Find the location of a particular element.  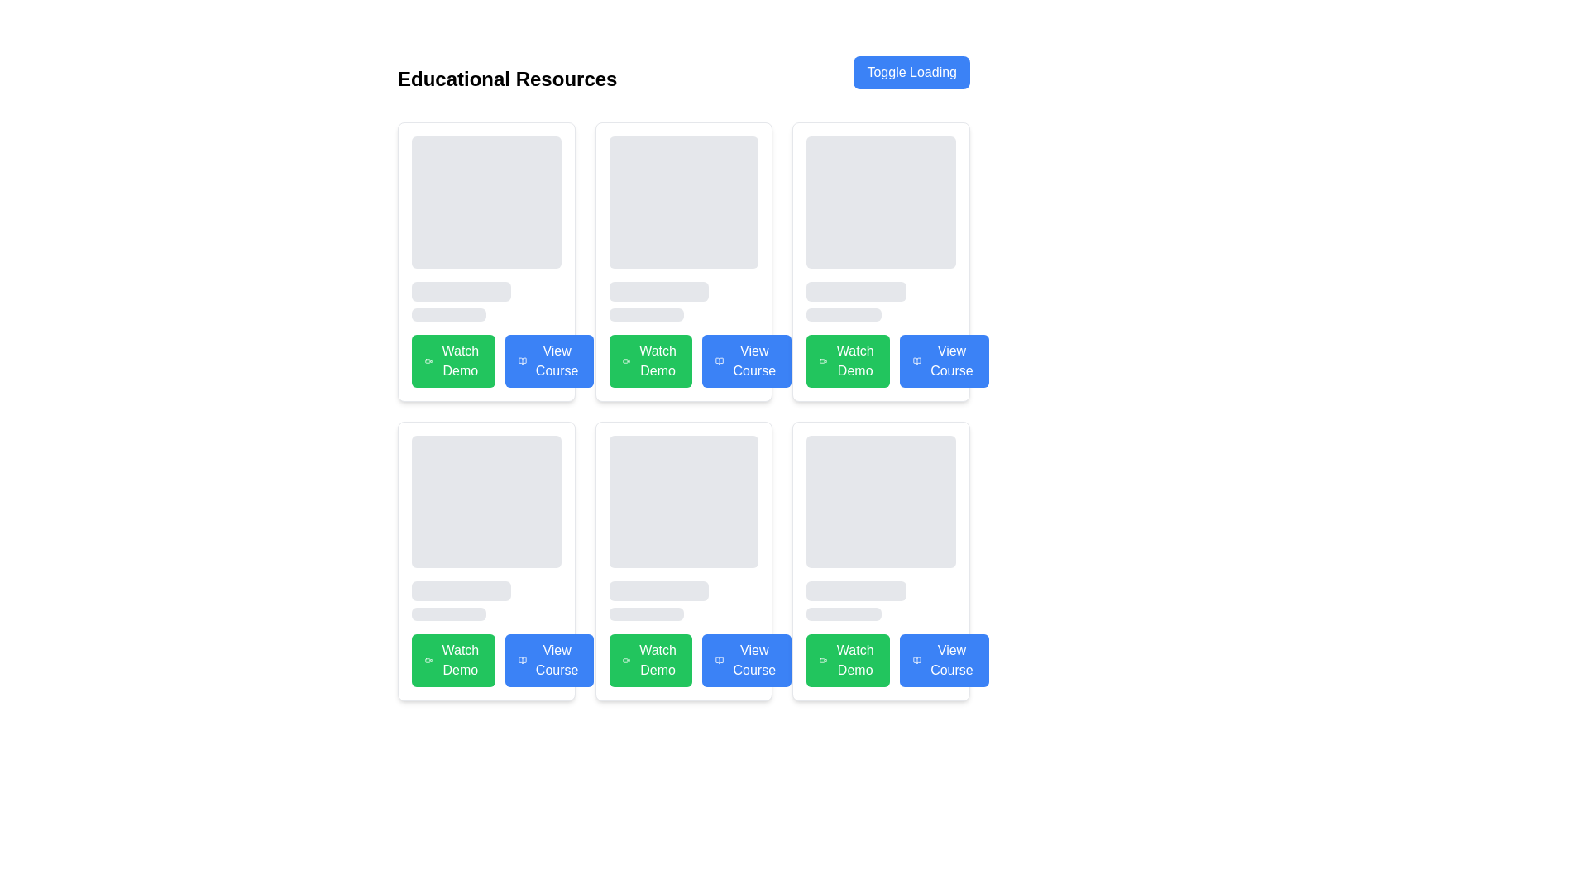

the skeleton loader bar located in the third card from the left in the top row of the grid interface, positioned below the image placeholder and above a smaller gray bar and the buttons labeled 'Watch Demo' and 'View Course' is located at coordinates (856, 291).